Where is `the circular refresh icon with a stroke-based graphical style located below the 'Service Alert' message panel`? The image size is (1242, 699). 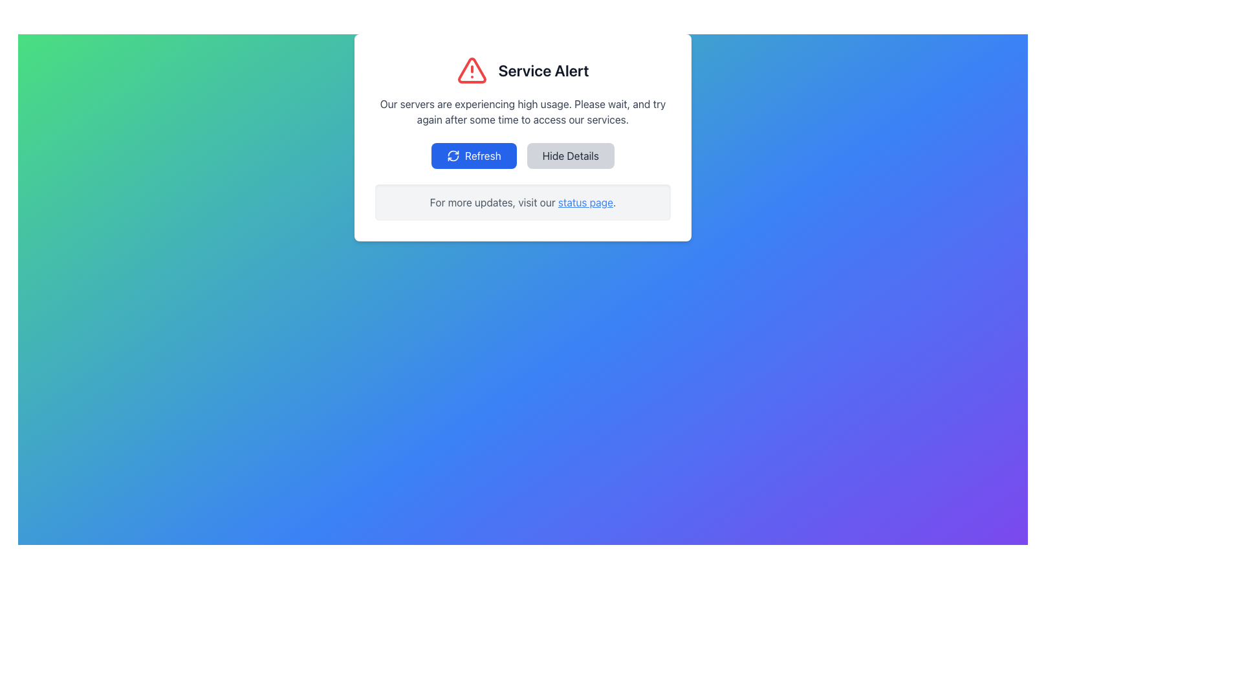
the circular refresh icon with a stroke-based graphical style located below the 'Service Alert' message panel is located at coordinates (453, 155).